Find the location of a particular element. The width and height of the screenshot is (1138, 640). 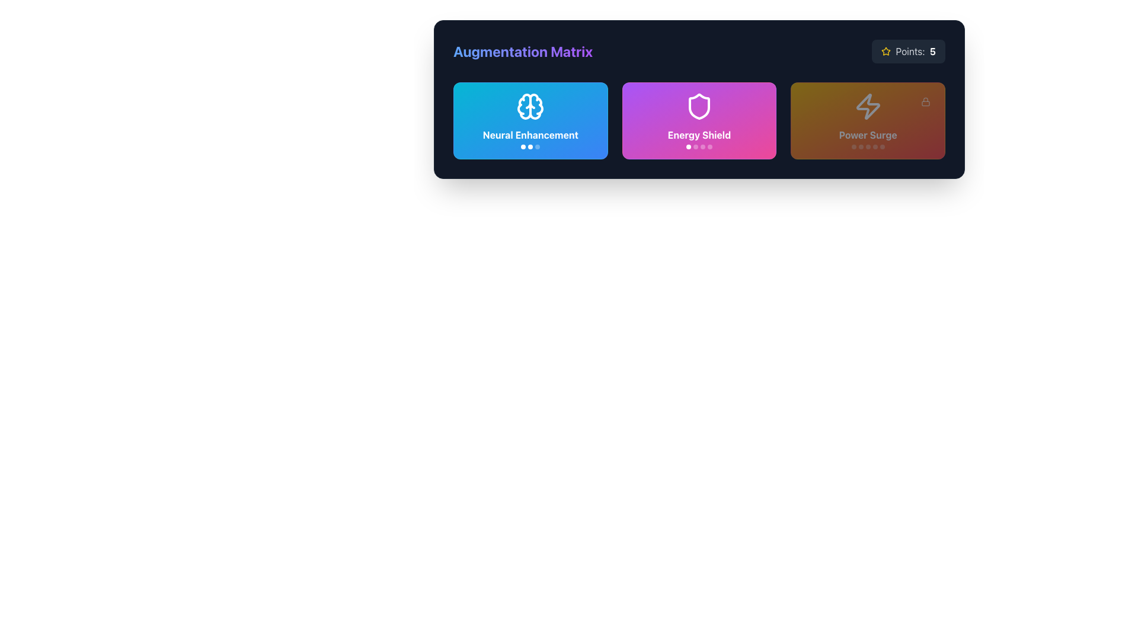

the brain icon with white strokes on a blue background, located at the top center of the 'Neural Enhancement' card in the 'Augmentation Matrix' section is located at coordinates (530, 107).